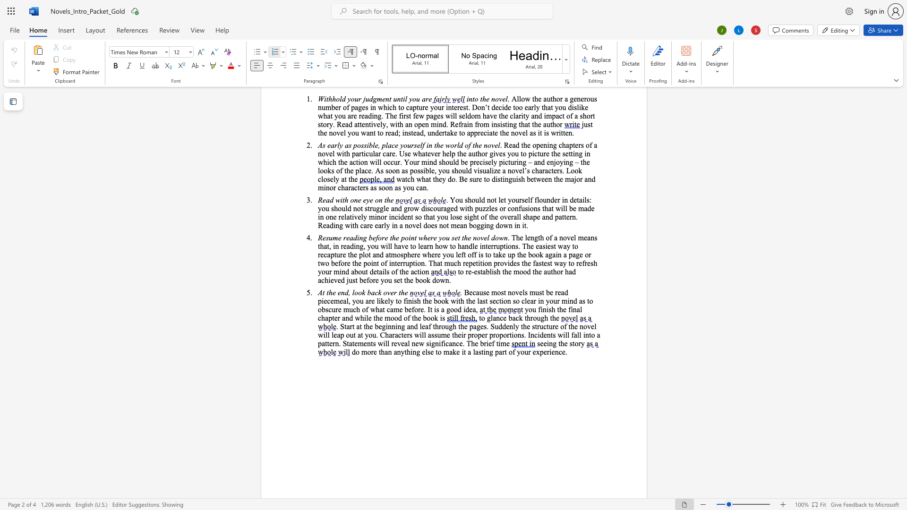  Describe the element at coordinates (356, 292) in the screenshot. I see `the 1th character "o" in the text` at that location.